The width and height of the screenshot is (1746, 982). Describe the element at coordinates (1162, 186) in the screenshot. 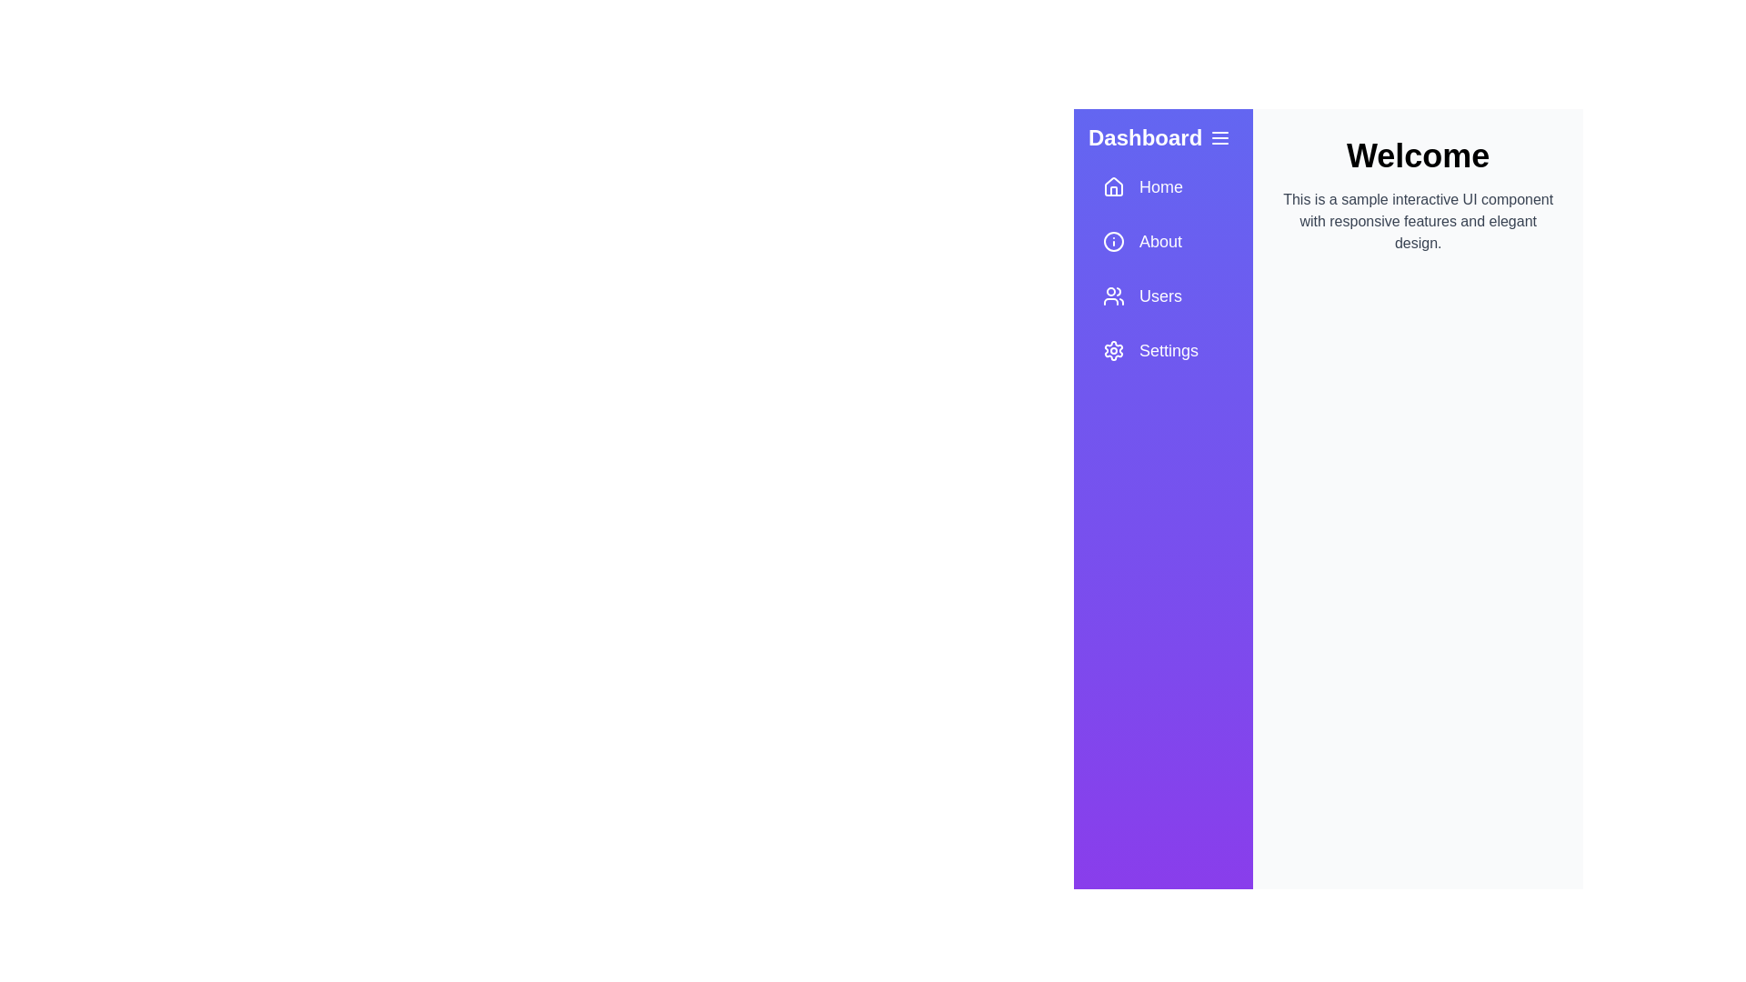

I see `the navigation item Home to trigger its action` at that location.